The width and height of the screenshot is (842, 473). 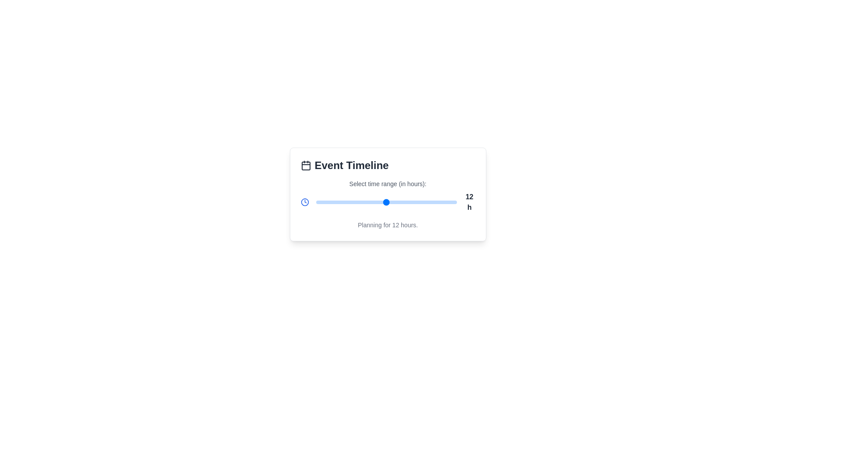 I want to click on the time range, so click(x=445, y=202).